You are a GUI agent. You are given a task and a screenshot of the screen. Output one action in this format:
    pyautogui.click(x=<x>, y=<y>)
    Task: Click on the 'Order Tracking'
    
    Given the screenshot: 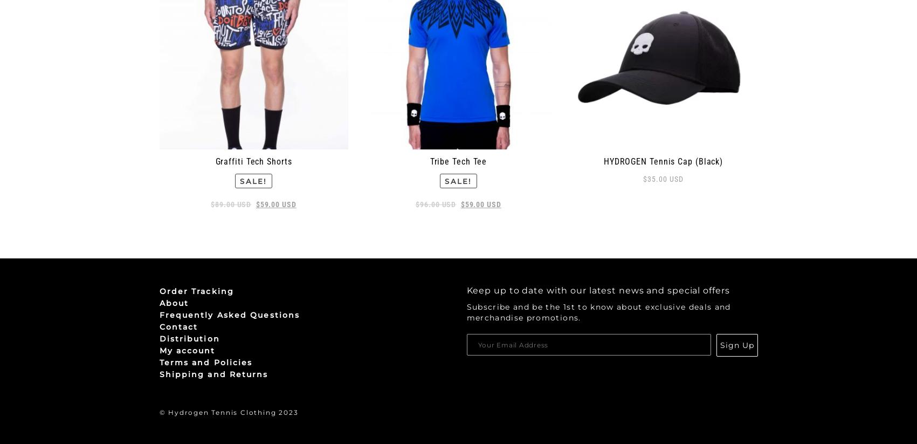 What is the action you would take?
    pyautogui.click(x=196, y=290)
    